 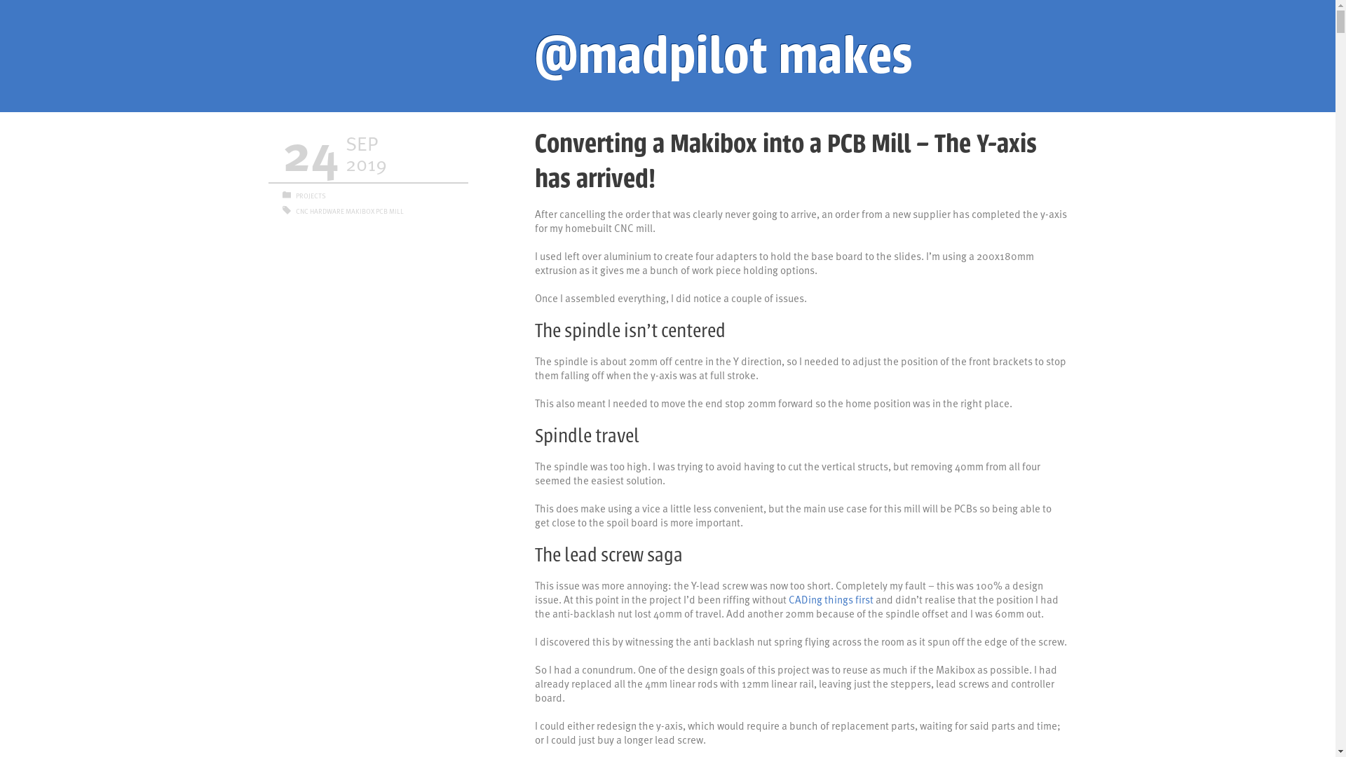 What do you see at coordinates (864, 599) in the screenshot?
I see `'first'` at bounding box center [864, 599].